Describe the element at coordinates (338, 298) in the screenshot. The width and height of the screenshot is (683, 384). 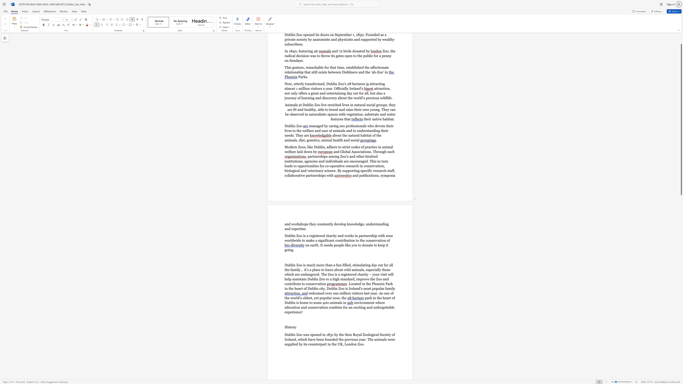
I see `the subset text "s, the" within the text "yet popular zoos, the"` at that location.